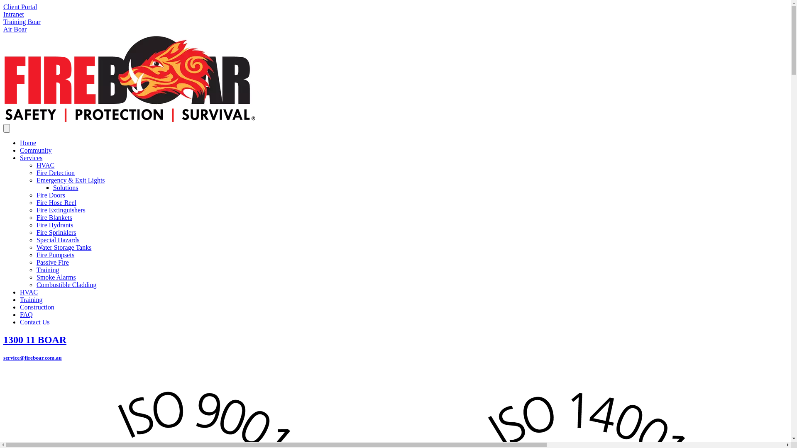 The height and width of the screenshot is (448, 797). Describe the element at coordinates (54, 225) in the screenshot. I see `'Fire Hydrants'` at that location.